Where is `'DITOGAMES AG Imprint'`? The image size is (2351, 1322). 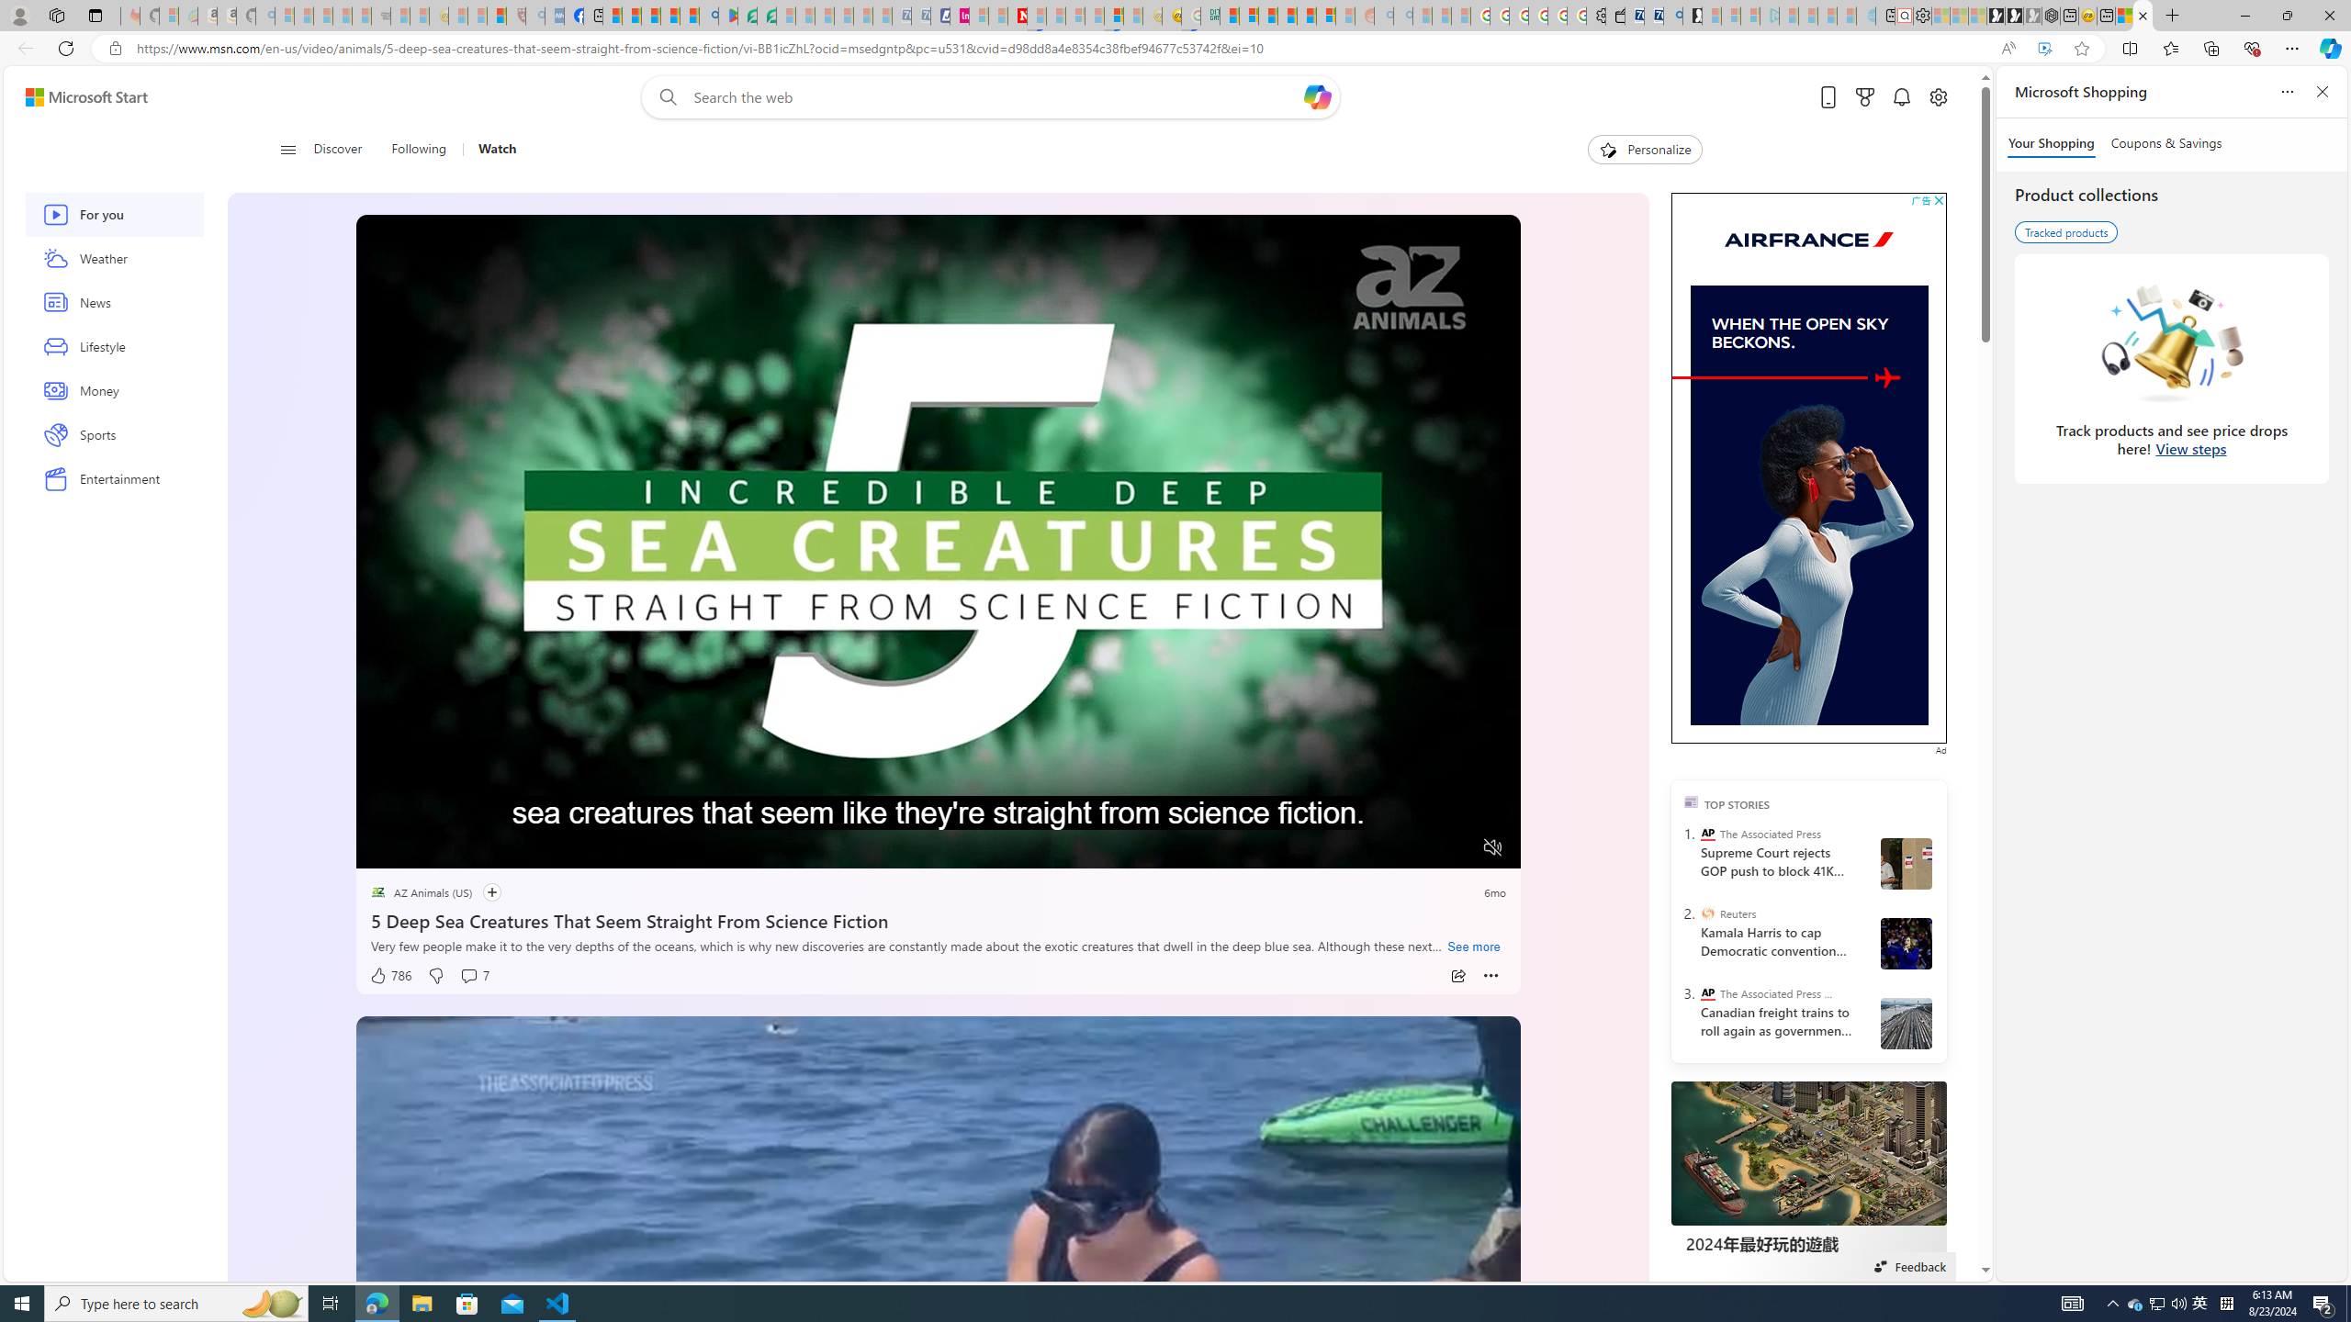
'DITOGAMES AG Imprint' is located at coordinates (1209, 15).